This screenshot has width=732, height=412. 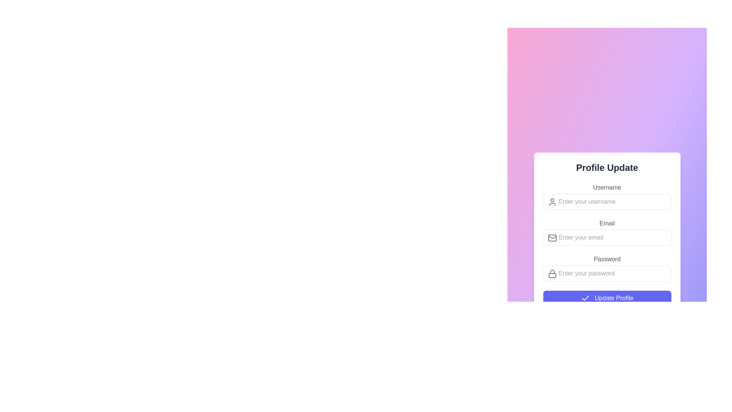 I want to click on the label indicating that the associated input field below it is for entering a password, which is the third label in the 'Profile Update' form layout, so click(x=607, y=259).